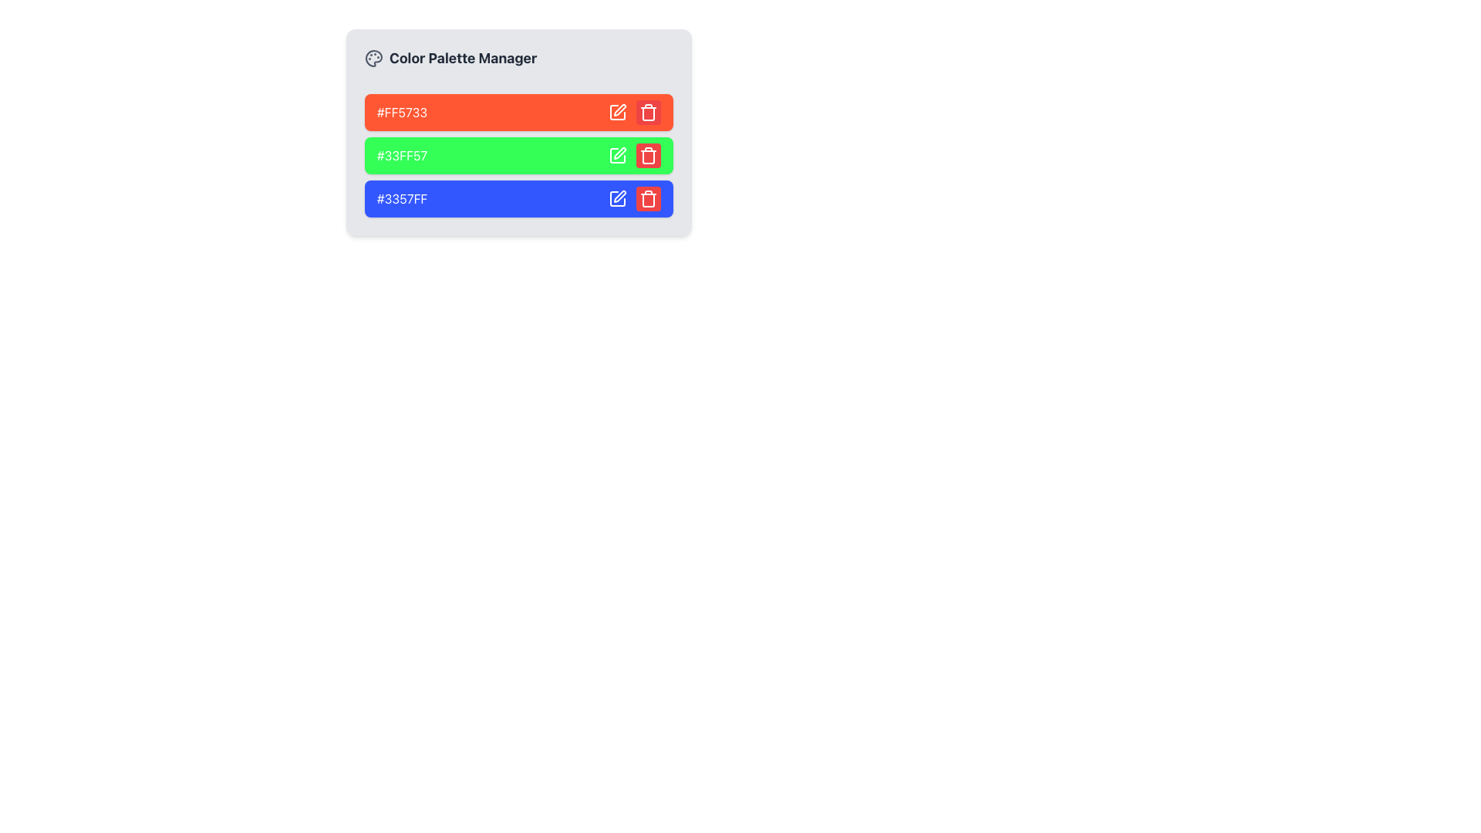  Describe the element at coordinates (618, 198) in the screenshot. I see `the blue color edit button in the 'Color Palette Manager'` at that location.